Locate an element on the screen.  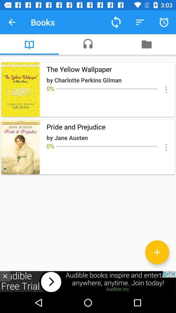
clickable advertisement is located at coordinates (88, 281).